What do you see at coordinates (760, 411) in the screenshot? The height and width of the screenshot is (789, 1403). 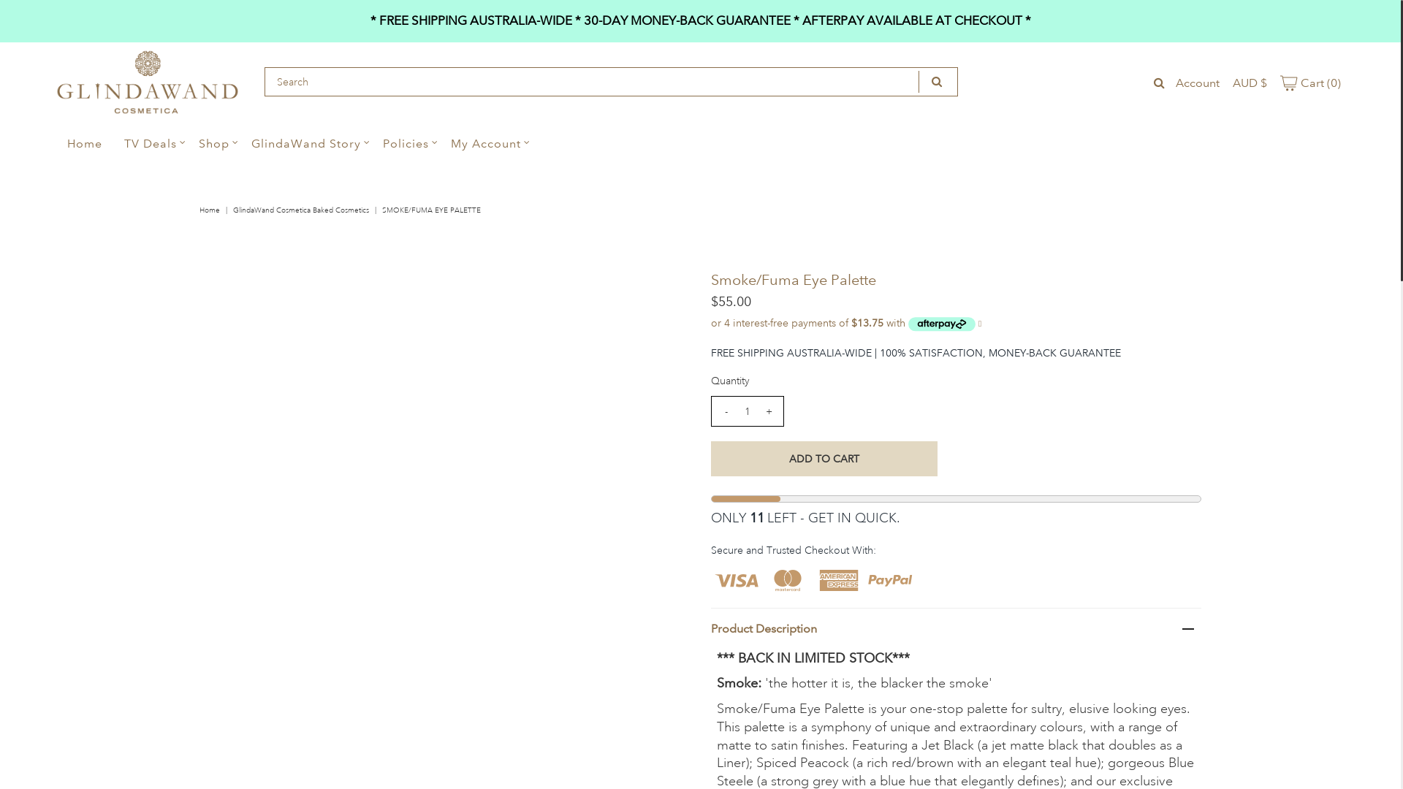 I see `'+'` at bounding box center [760, 411].